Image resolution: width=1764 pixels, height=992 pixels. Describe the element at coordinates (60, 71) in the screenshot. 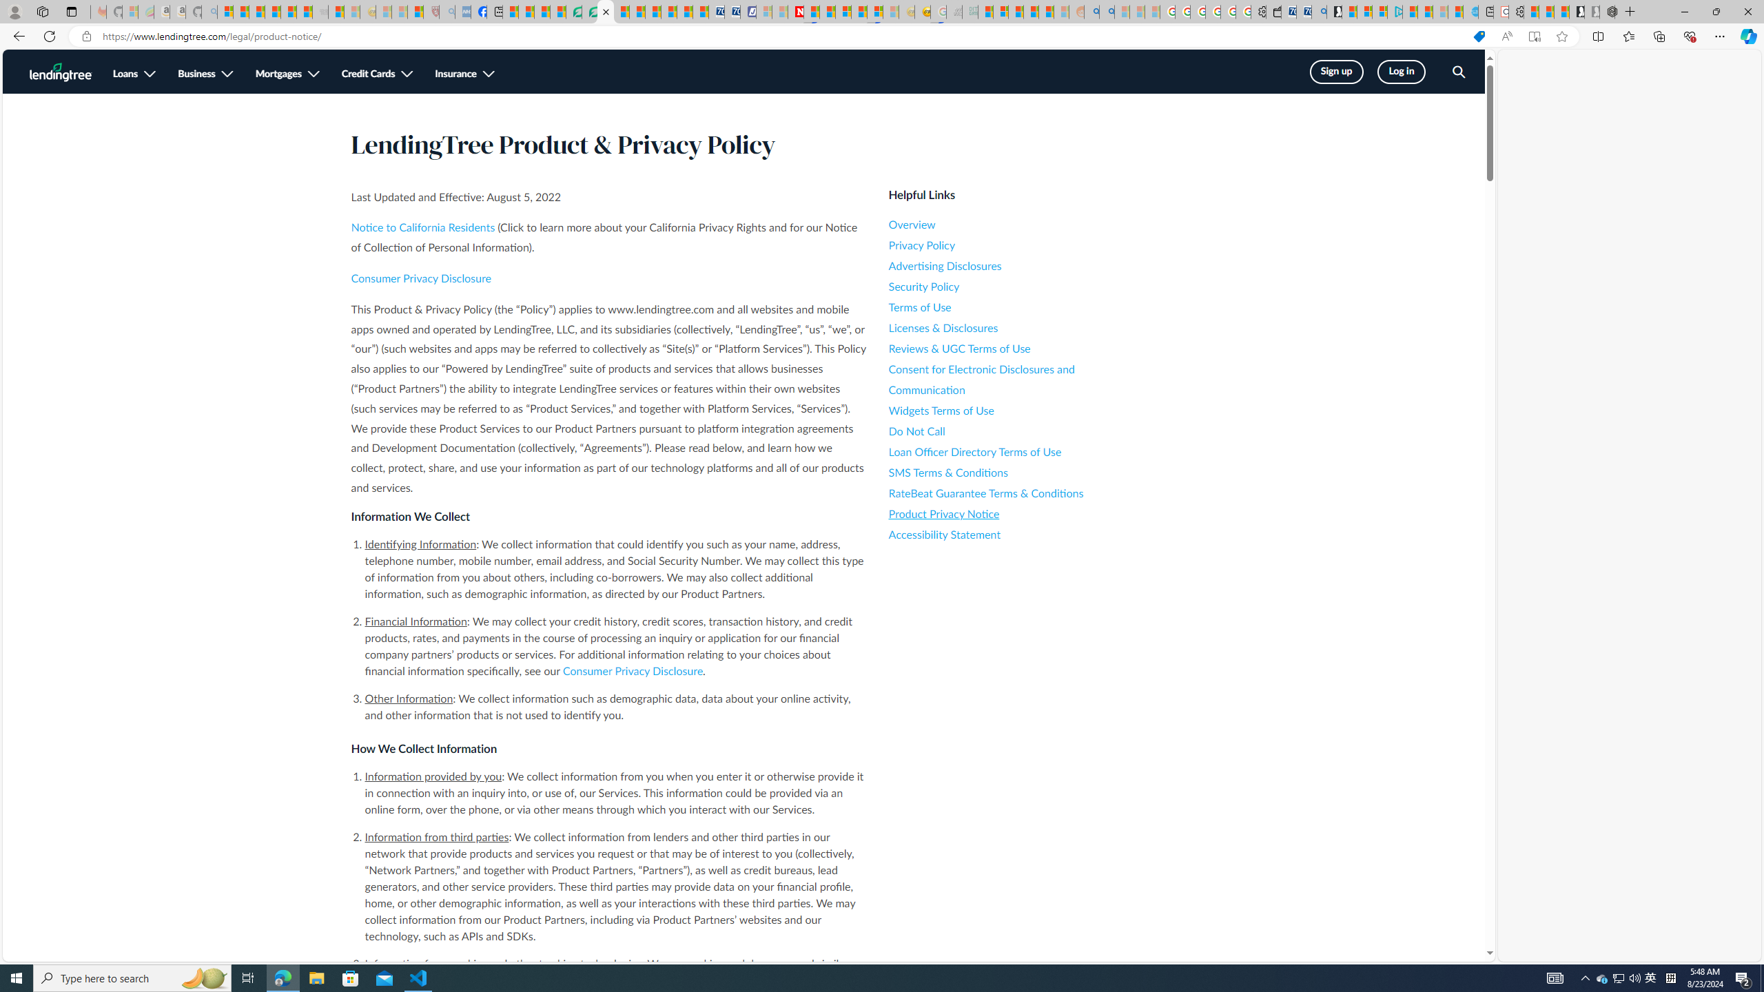

I see `'LendingTree Homepage Logo'` at that location.